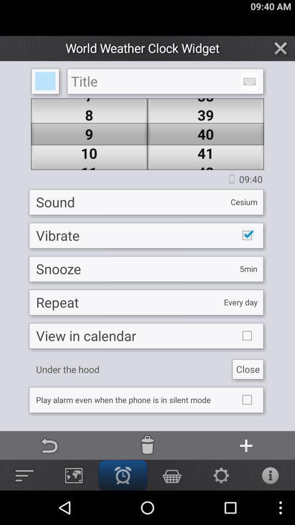 This screenshot has height=525, width=295. I want to click on title, so click(164, 81).